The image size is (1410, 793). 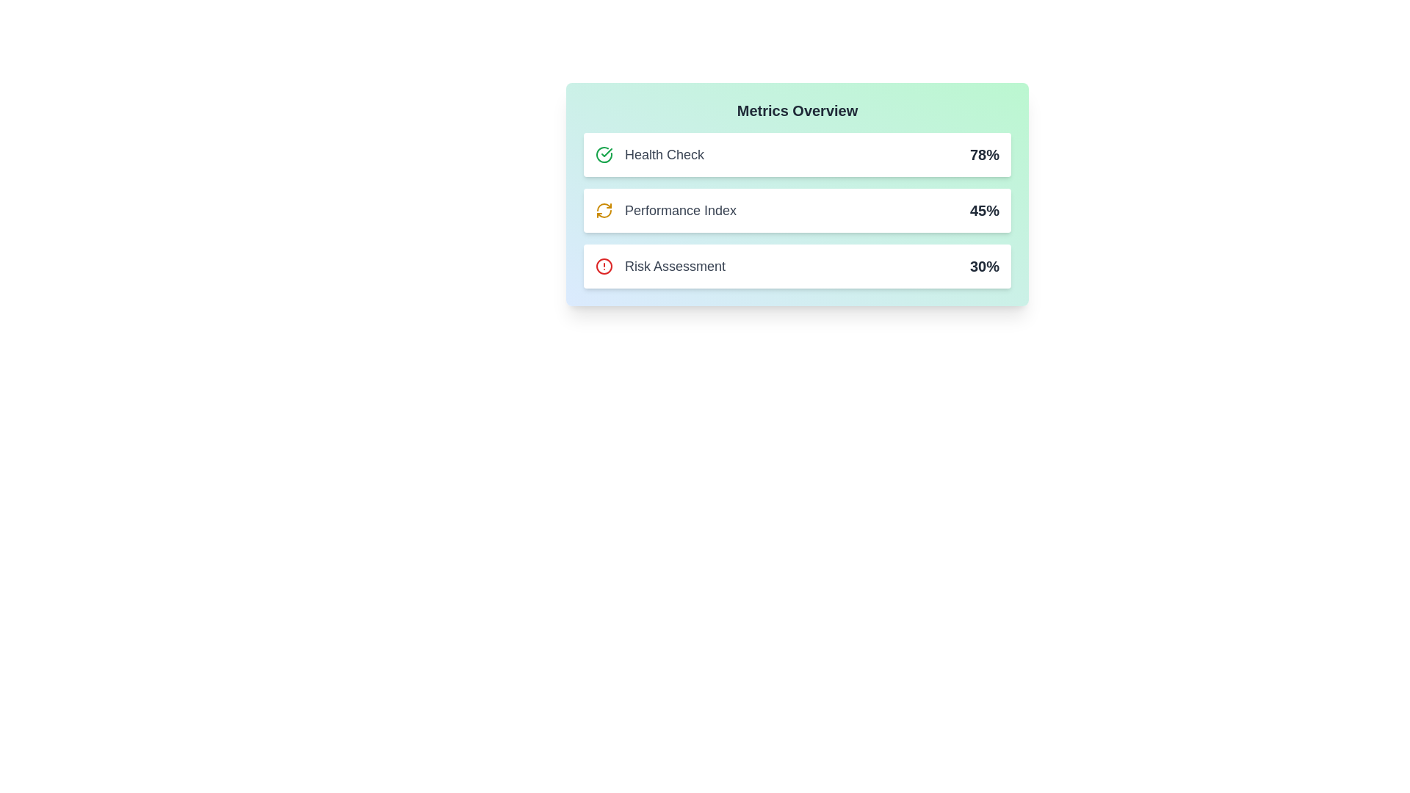 What do you see at coordinates (984, 210) in the screenshot?
I see `the Text Display element that shows the numeric percentage representation of the Performance Index, located at the right end of its row within the performance card` at bounding box center [984, 210].